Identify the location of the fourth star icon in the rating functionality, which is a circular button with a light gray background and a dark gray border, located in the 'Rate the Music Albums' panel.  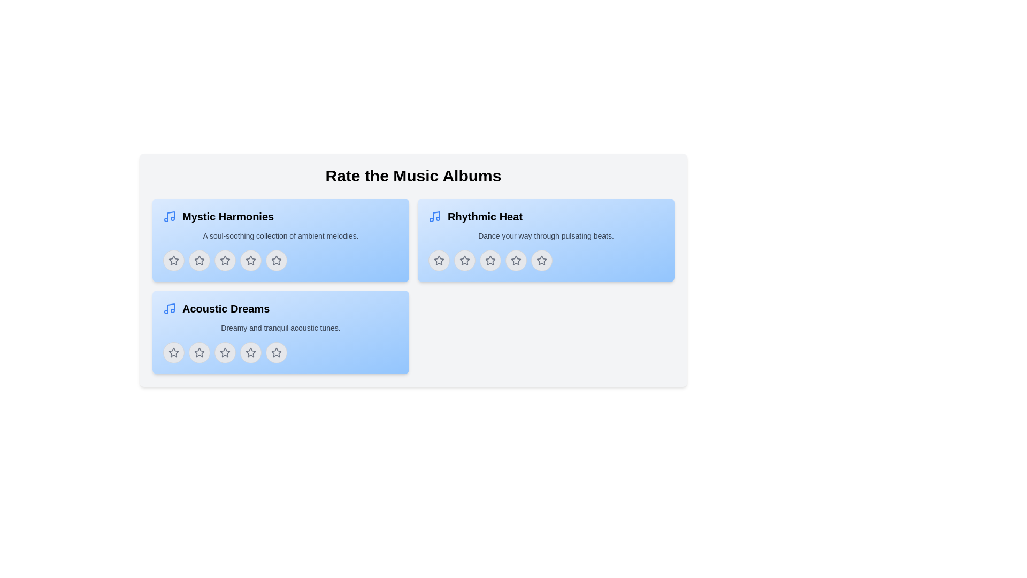
(541, 260).